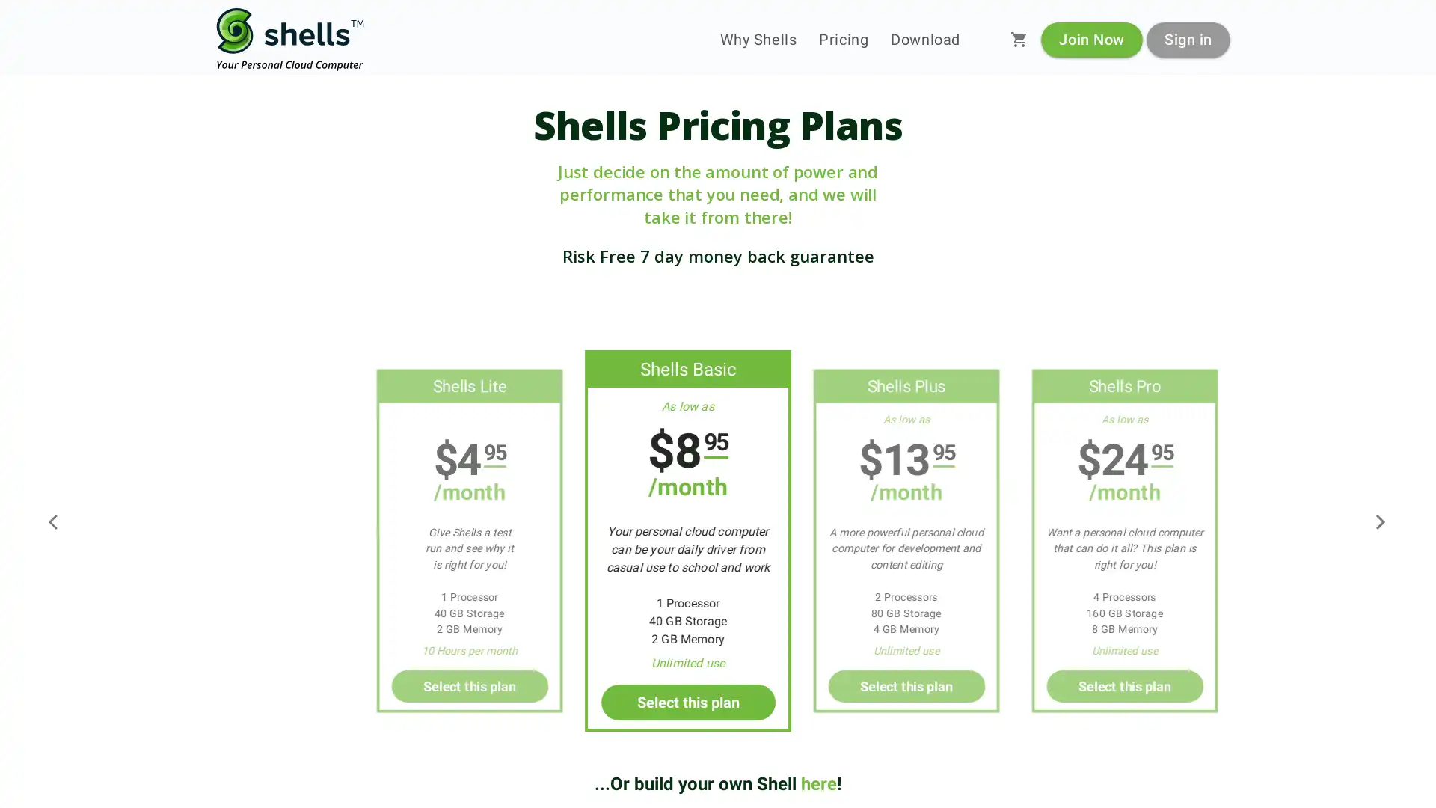 The width and height of the screenshot is (1436, 808). What do you see at coordinates (1019, 39) in the screenshot?
I see `cart` at bounding box center [1019, 39].